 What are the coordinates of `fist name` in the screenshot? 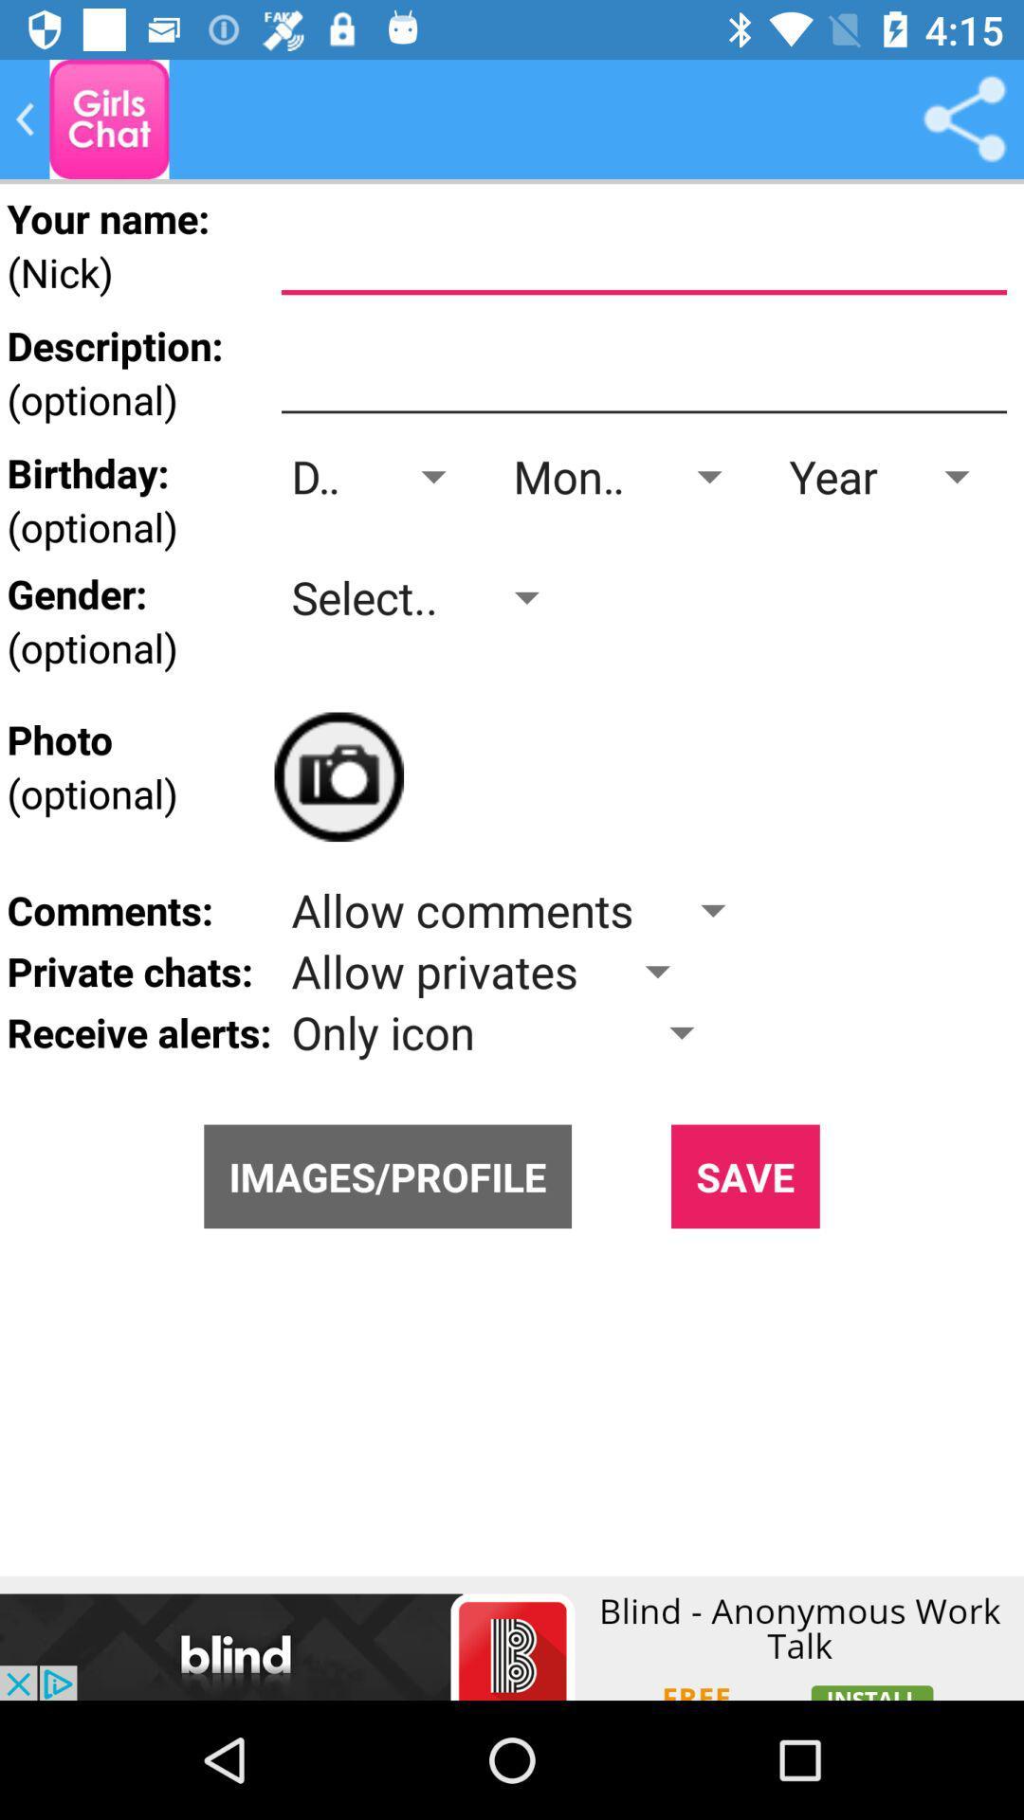 It's located at (643, 250).